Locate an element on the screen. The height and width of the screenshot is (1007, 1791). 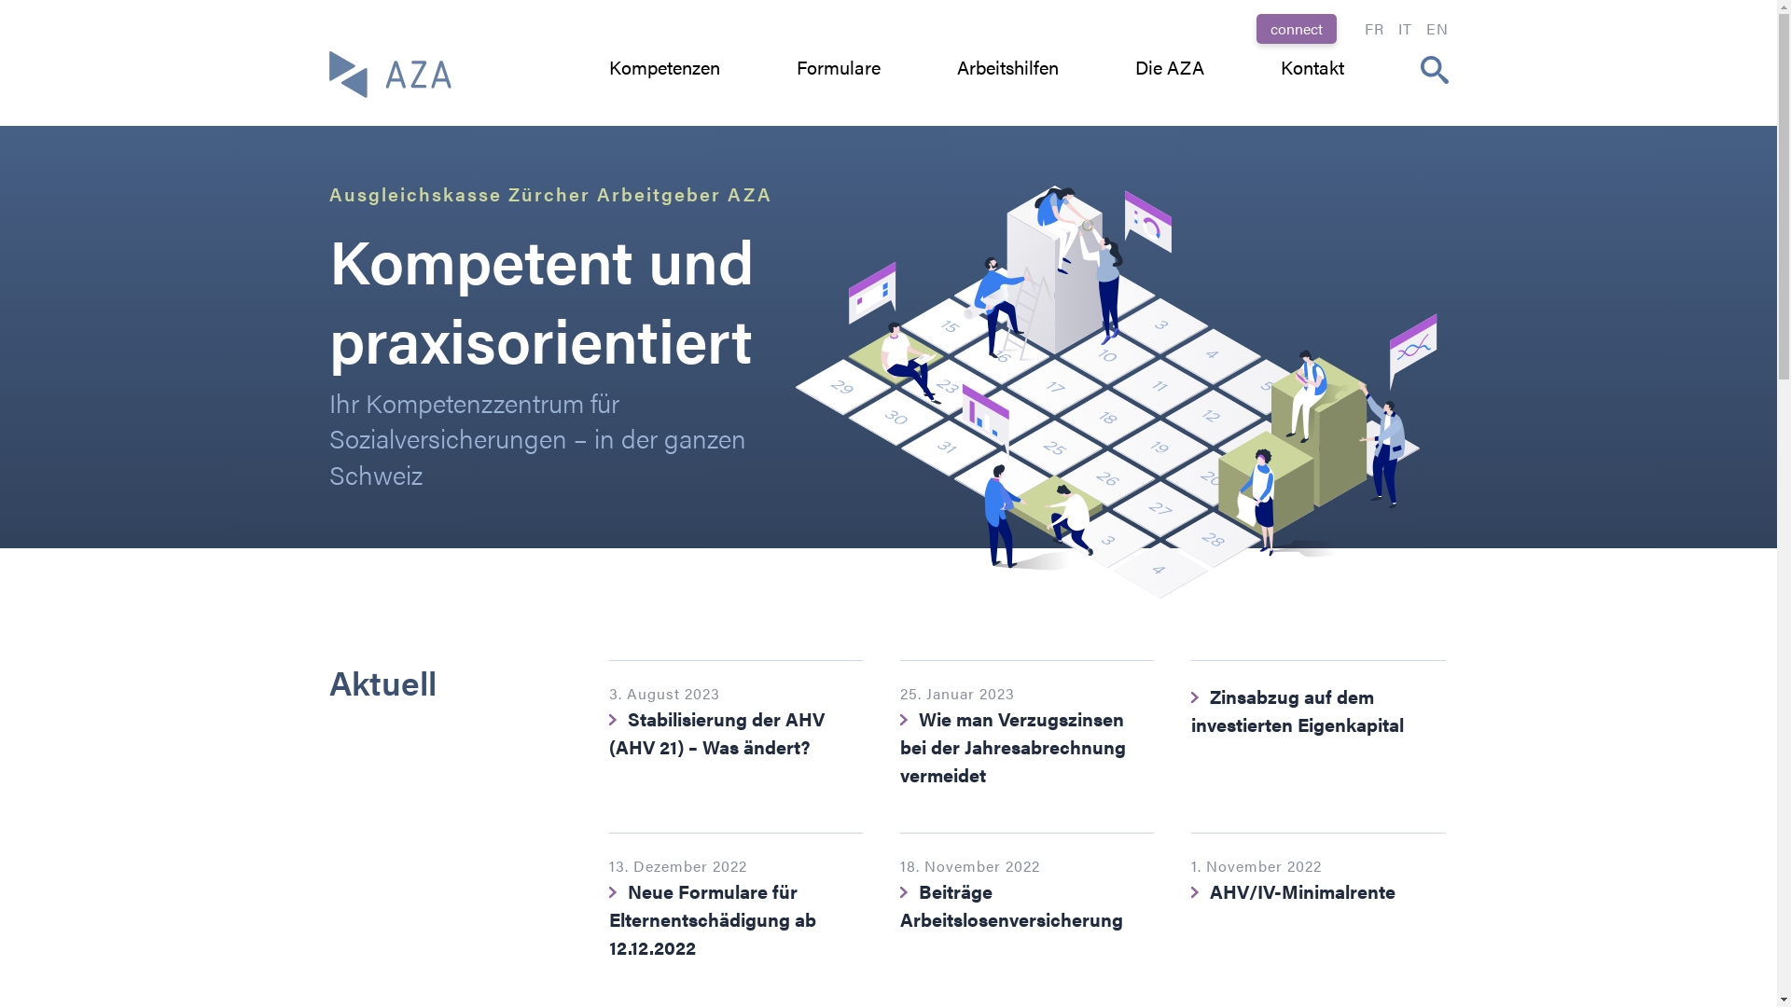
'1. November 2022 is located at coordinates (1316, 899).